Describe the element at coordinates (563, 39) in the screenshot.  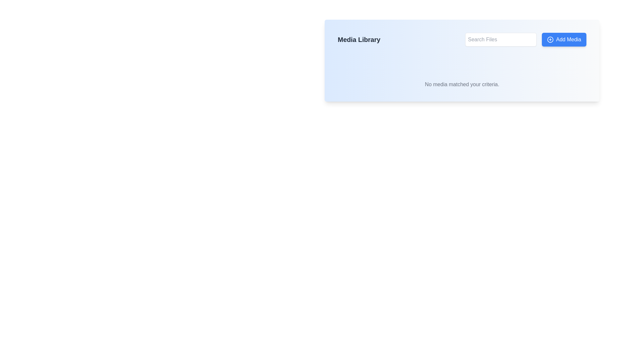
I see `the button located in the top-right of the blue box labeled 'Media Library'` at that location.